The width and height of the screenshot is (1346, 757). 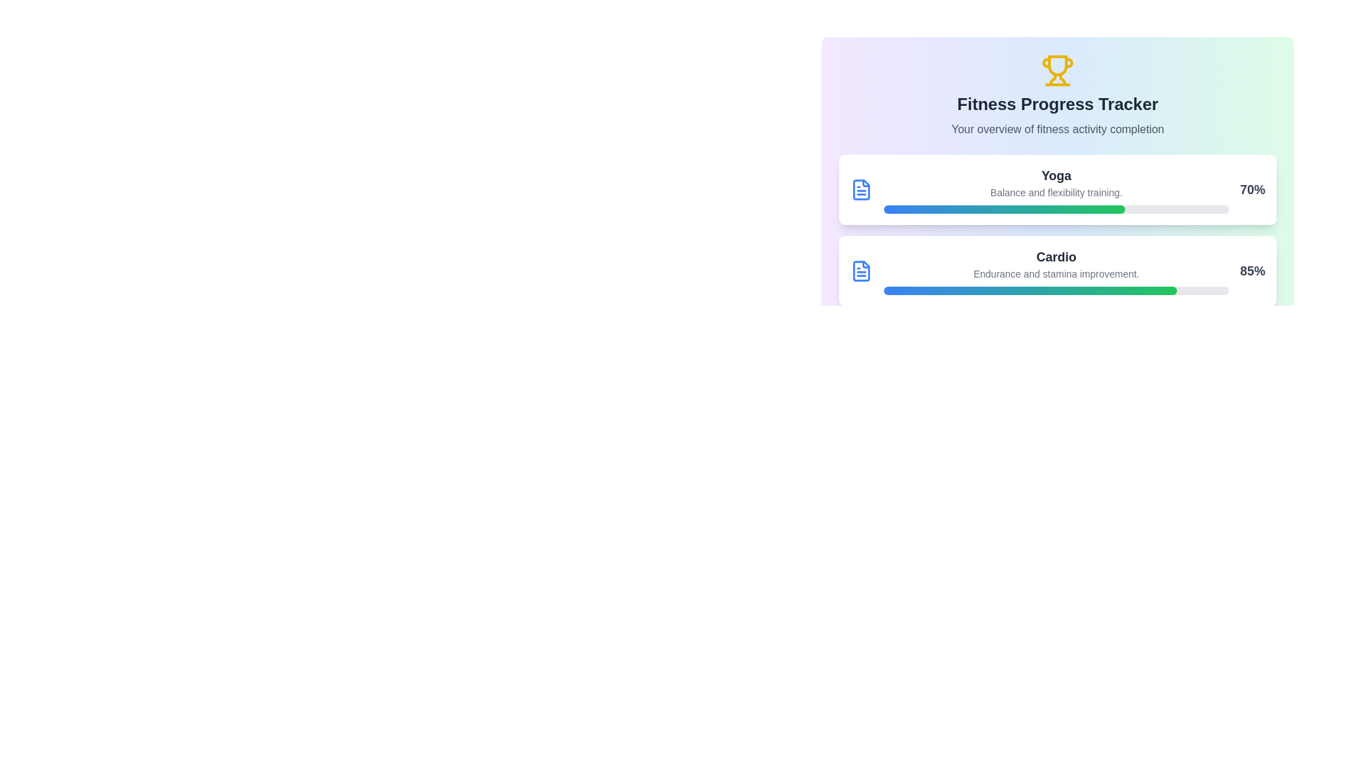 I want to click on the achievement icon located at the top of the interface, above the title 'Fitness Progress Tracker', which symbolizes achievement and progress in the fitness tracker context, so click(x=1057, y=65).